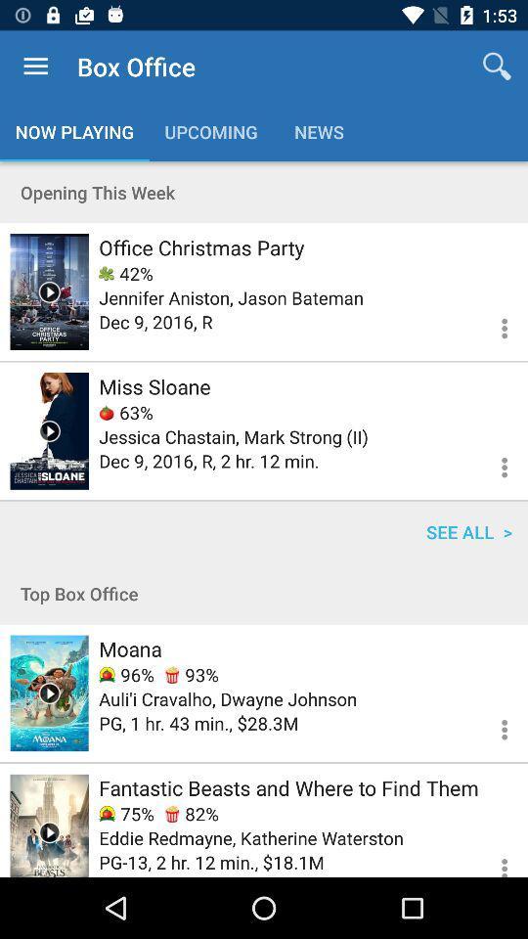  What do you see at coordinates (49, 291) in the screenshot?
I see `party` at bounding box center [49, 291].